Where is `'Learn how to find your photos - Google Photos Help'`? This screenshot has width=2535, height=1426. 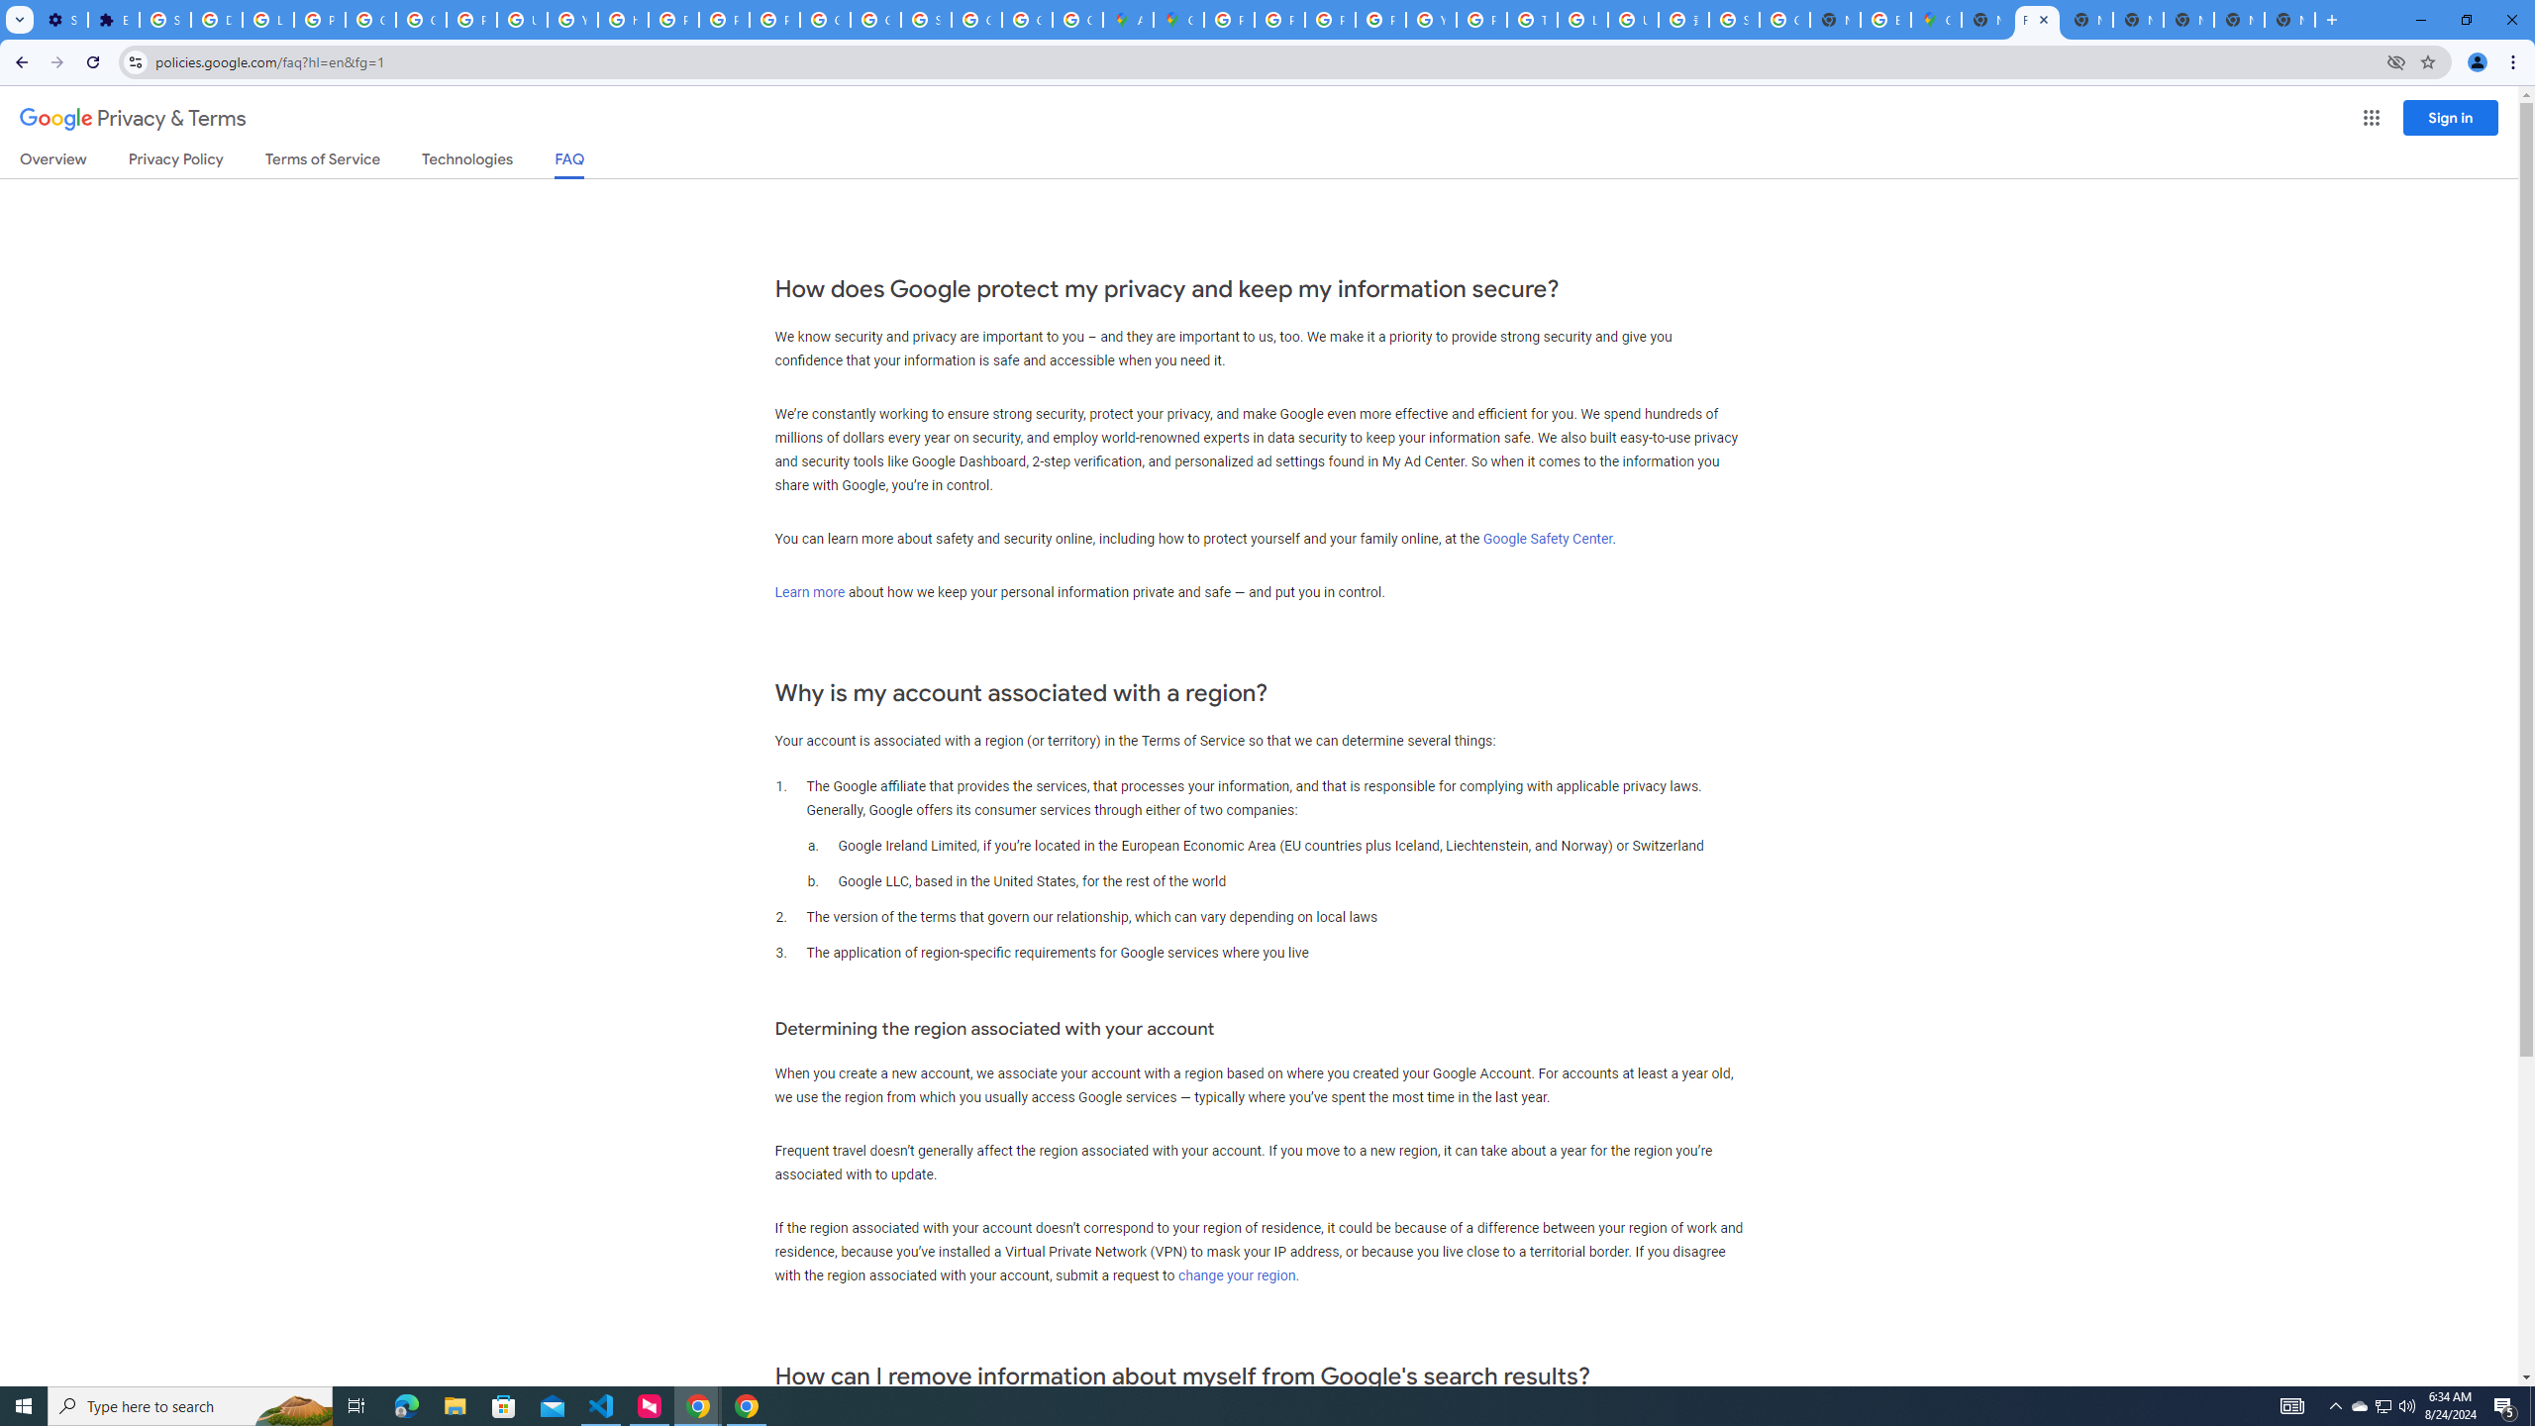
'Learn how to find your photos - Google Photos Help' is located at coordinates (267, 19).